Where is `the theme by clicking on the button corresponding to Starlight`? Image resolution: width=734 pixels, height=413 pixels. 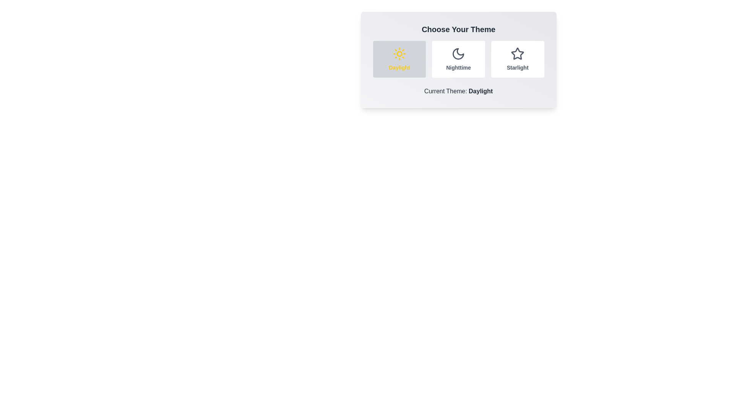
the theme by clicking on the button corresponding to Starlight is located at coordinates (518, 59).